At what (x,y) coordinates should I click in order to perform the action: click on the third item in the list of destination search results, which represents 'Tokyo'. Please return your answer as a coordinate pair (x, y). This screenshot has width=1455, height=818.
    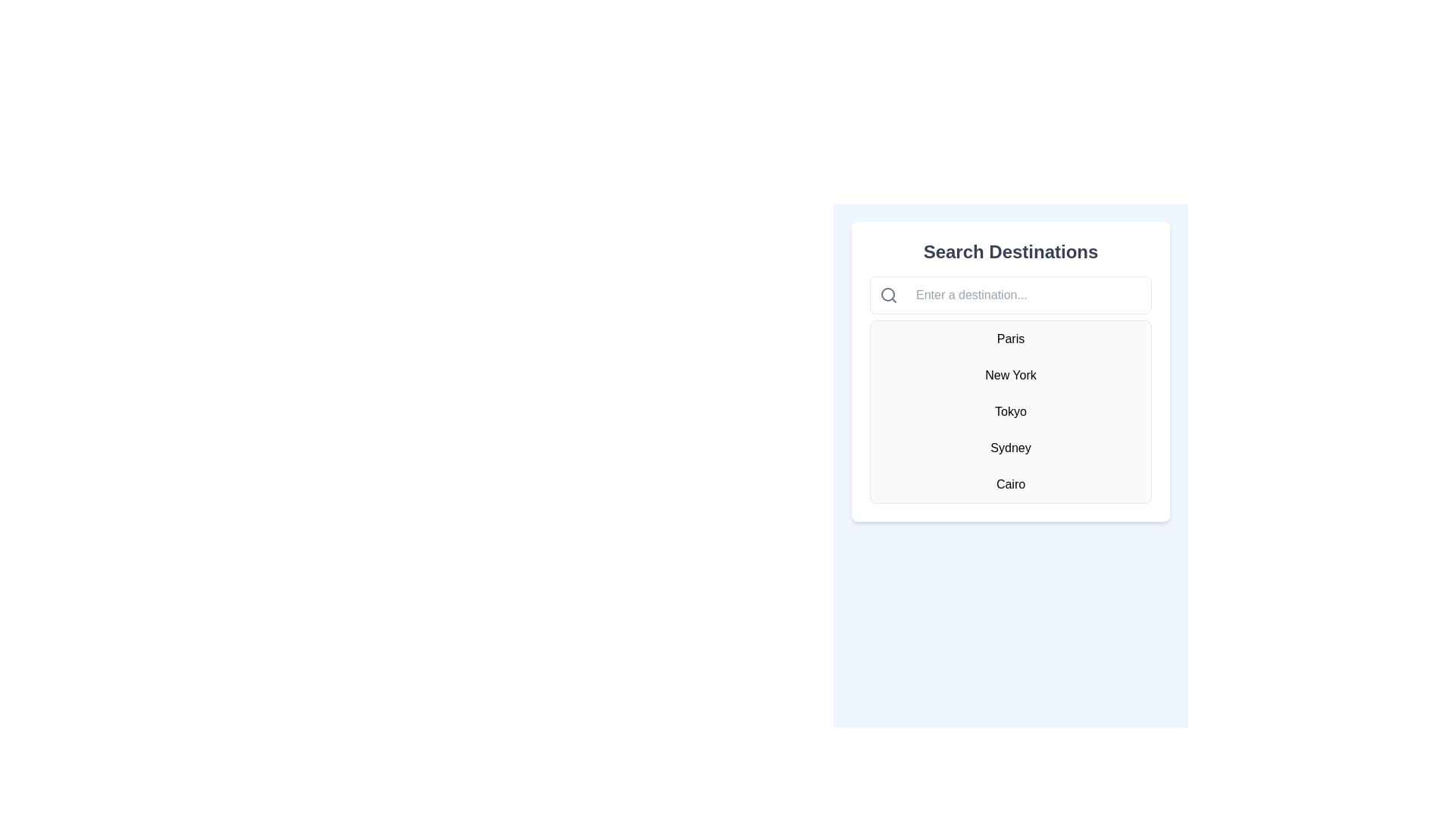
    Looking at the image, I should click on (1011, 411).